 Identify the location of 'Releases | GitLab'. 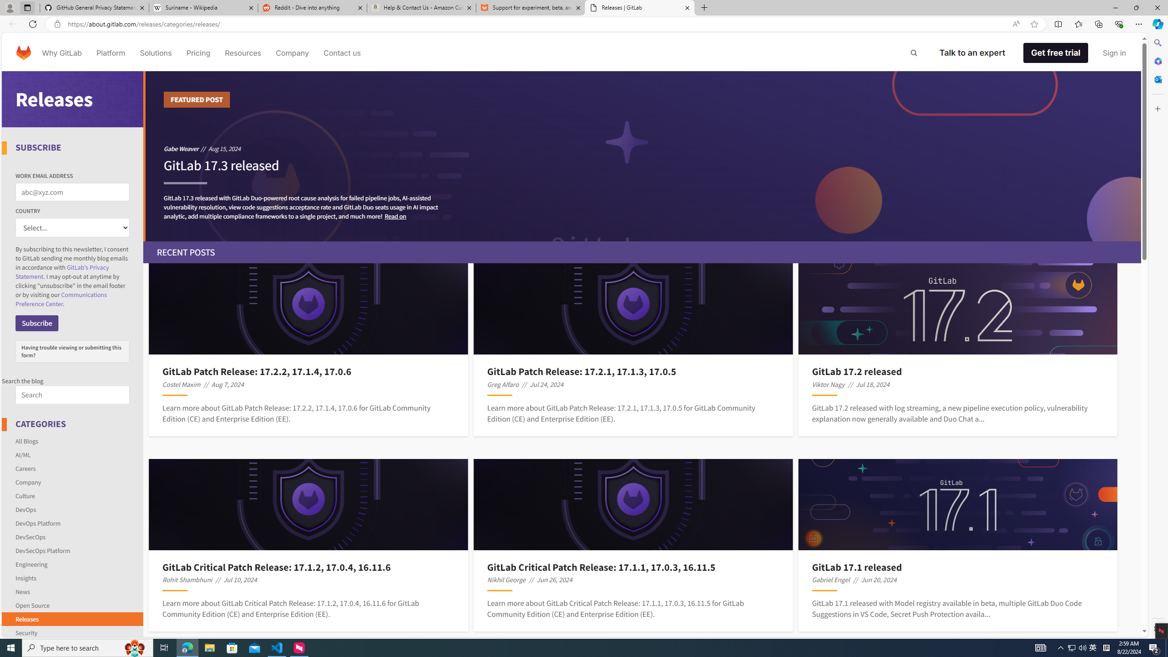
(640, 7).